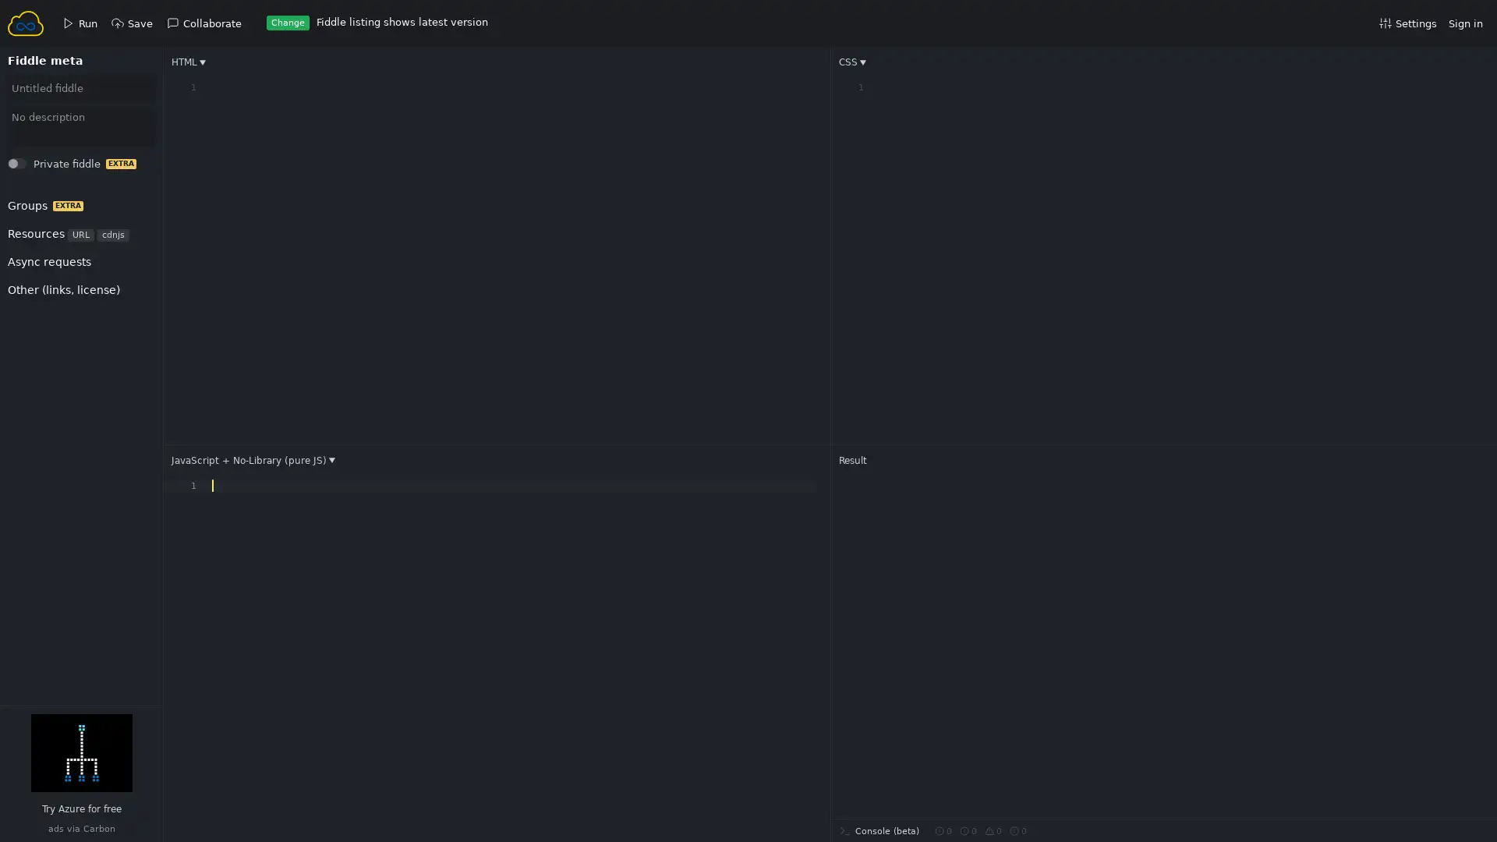  I want to click on Save, so click(33, 168).